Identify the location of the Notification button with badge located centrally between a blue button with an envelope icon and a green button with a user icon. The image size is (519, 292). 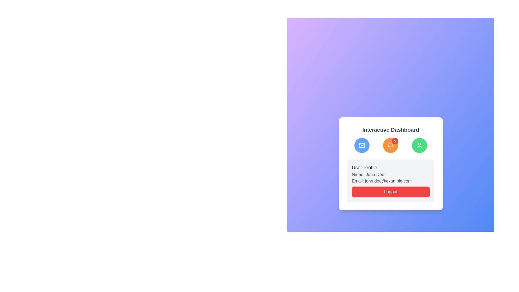
(391, 145).